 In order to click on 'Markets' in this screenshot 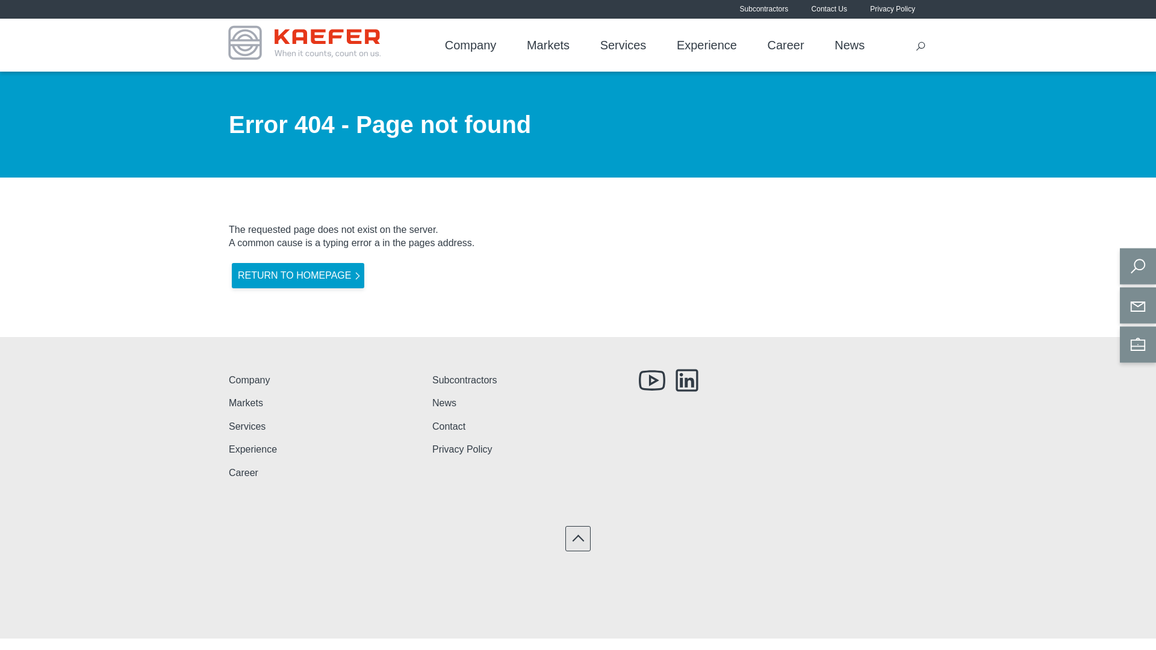, I will do `click(245, 403)`.